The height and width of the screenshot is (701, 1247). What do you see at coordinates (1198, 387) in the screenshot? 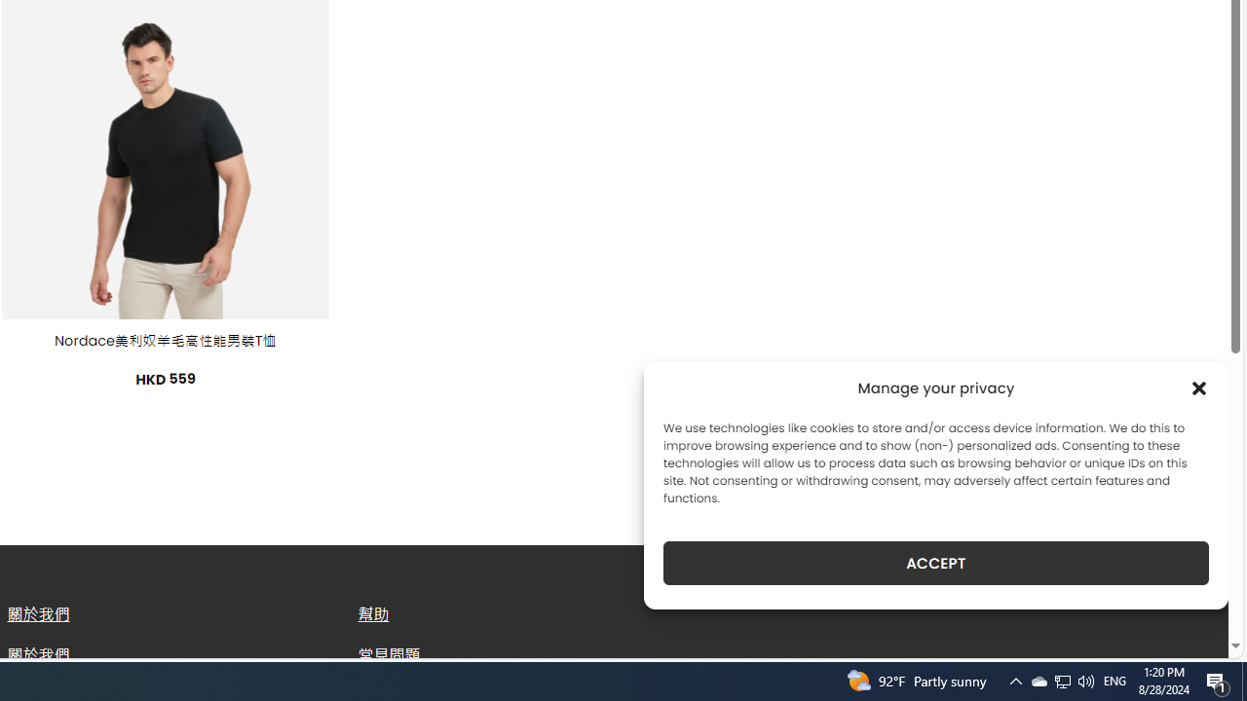
I see `'Class: cmplz-close'` at bounding box center [1198, 387].